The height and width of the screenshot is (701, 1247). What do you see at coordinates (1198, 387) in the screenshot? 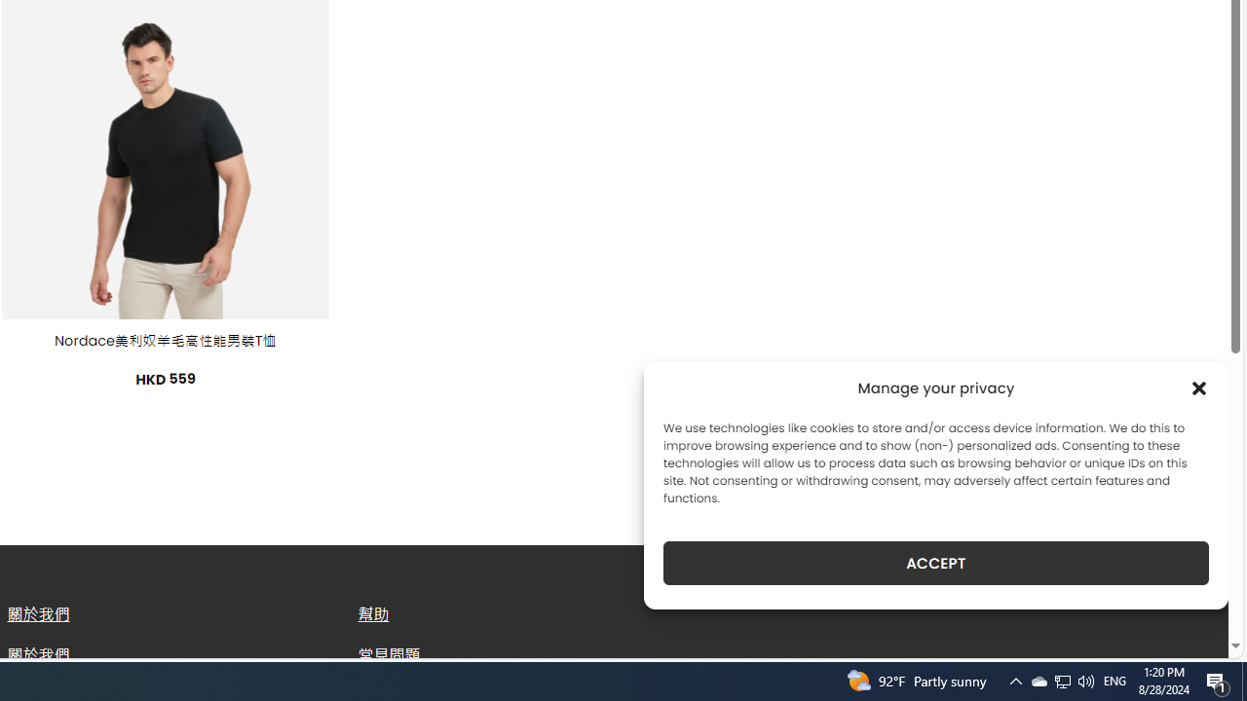
I see `'Class: cmplz-close'` at bounding box center [1198, 387].